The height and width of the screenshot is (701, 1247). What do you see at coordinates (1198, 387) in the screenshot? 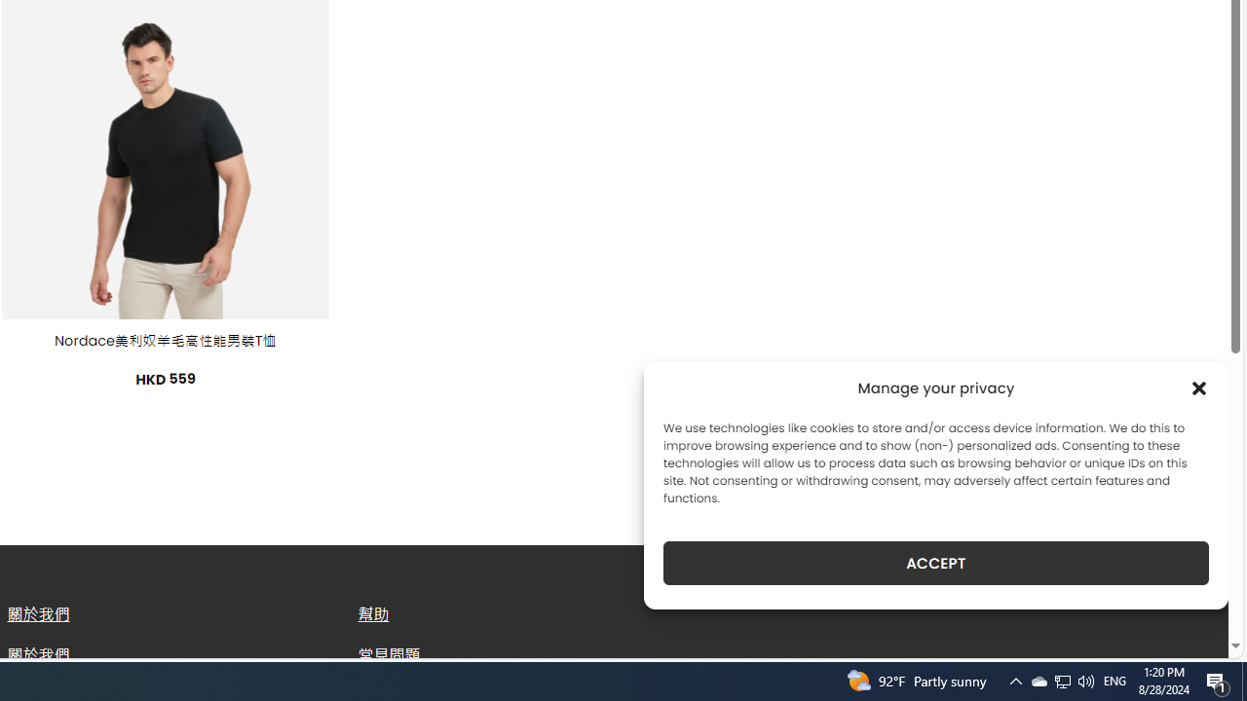
I see `'Class: cmplz-close'` at bounding box center [1198, 387].